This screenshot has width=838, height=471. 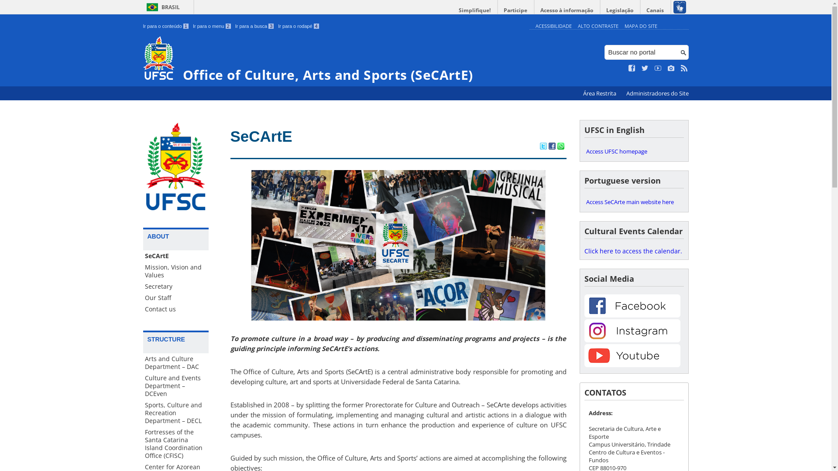 What do you see at coordinates (254, 26) in the screenshot?
I see `'Ir para a busca 3'` at bounding box center [254, 26].